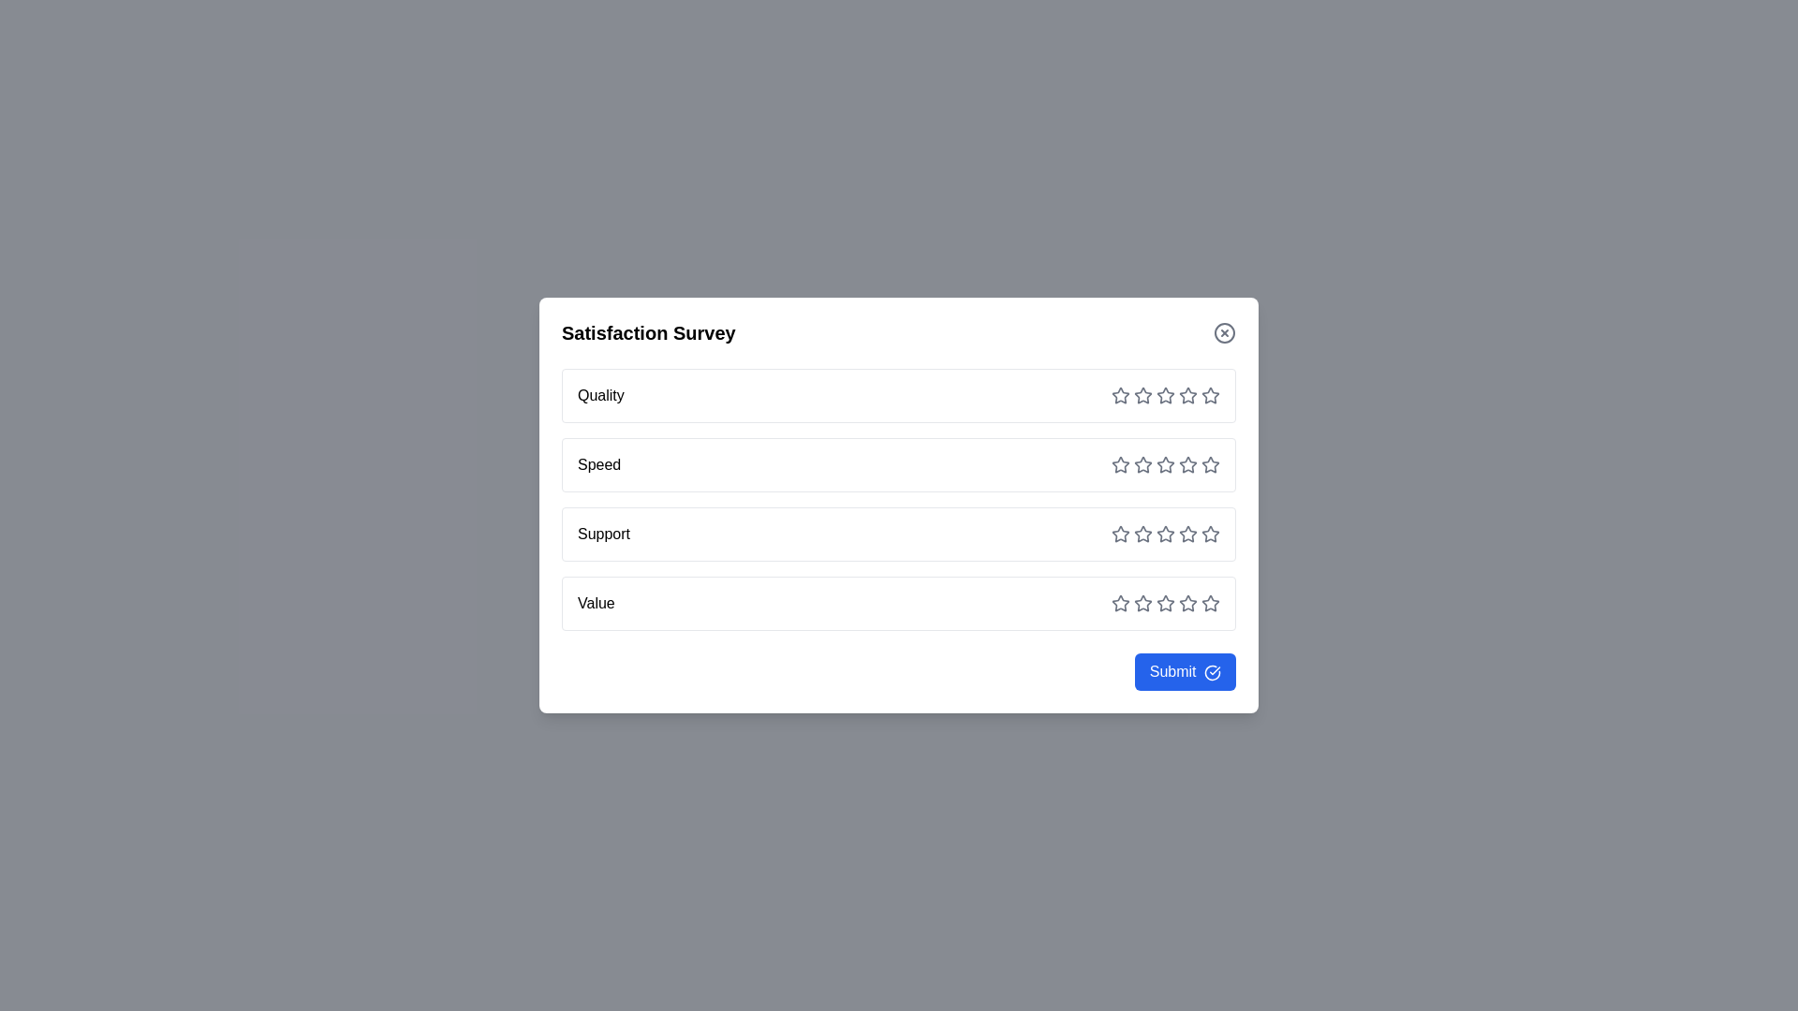  I want to click on close button at the top-right corner of the dialog to close it, so click(1225, 331).